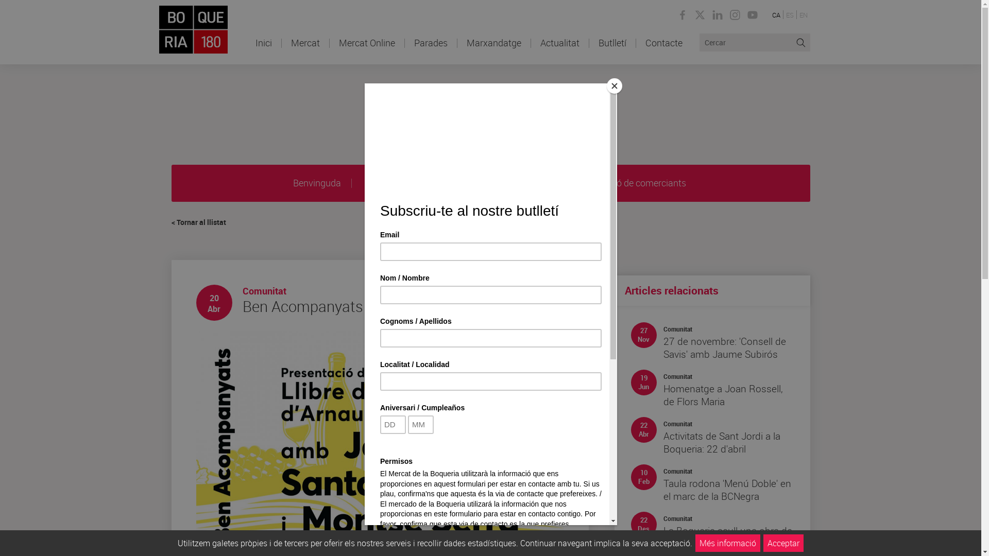 The image size is (989, 556). I want to click on 'Homenatge a Joan Rossell, de Flors Maria', so click(722, 394).